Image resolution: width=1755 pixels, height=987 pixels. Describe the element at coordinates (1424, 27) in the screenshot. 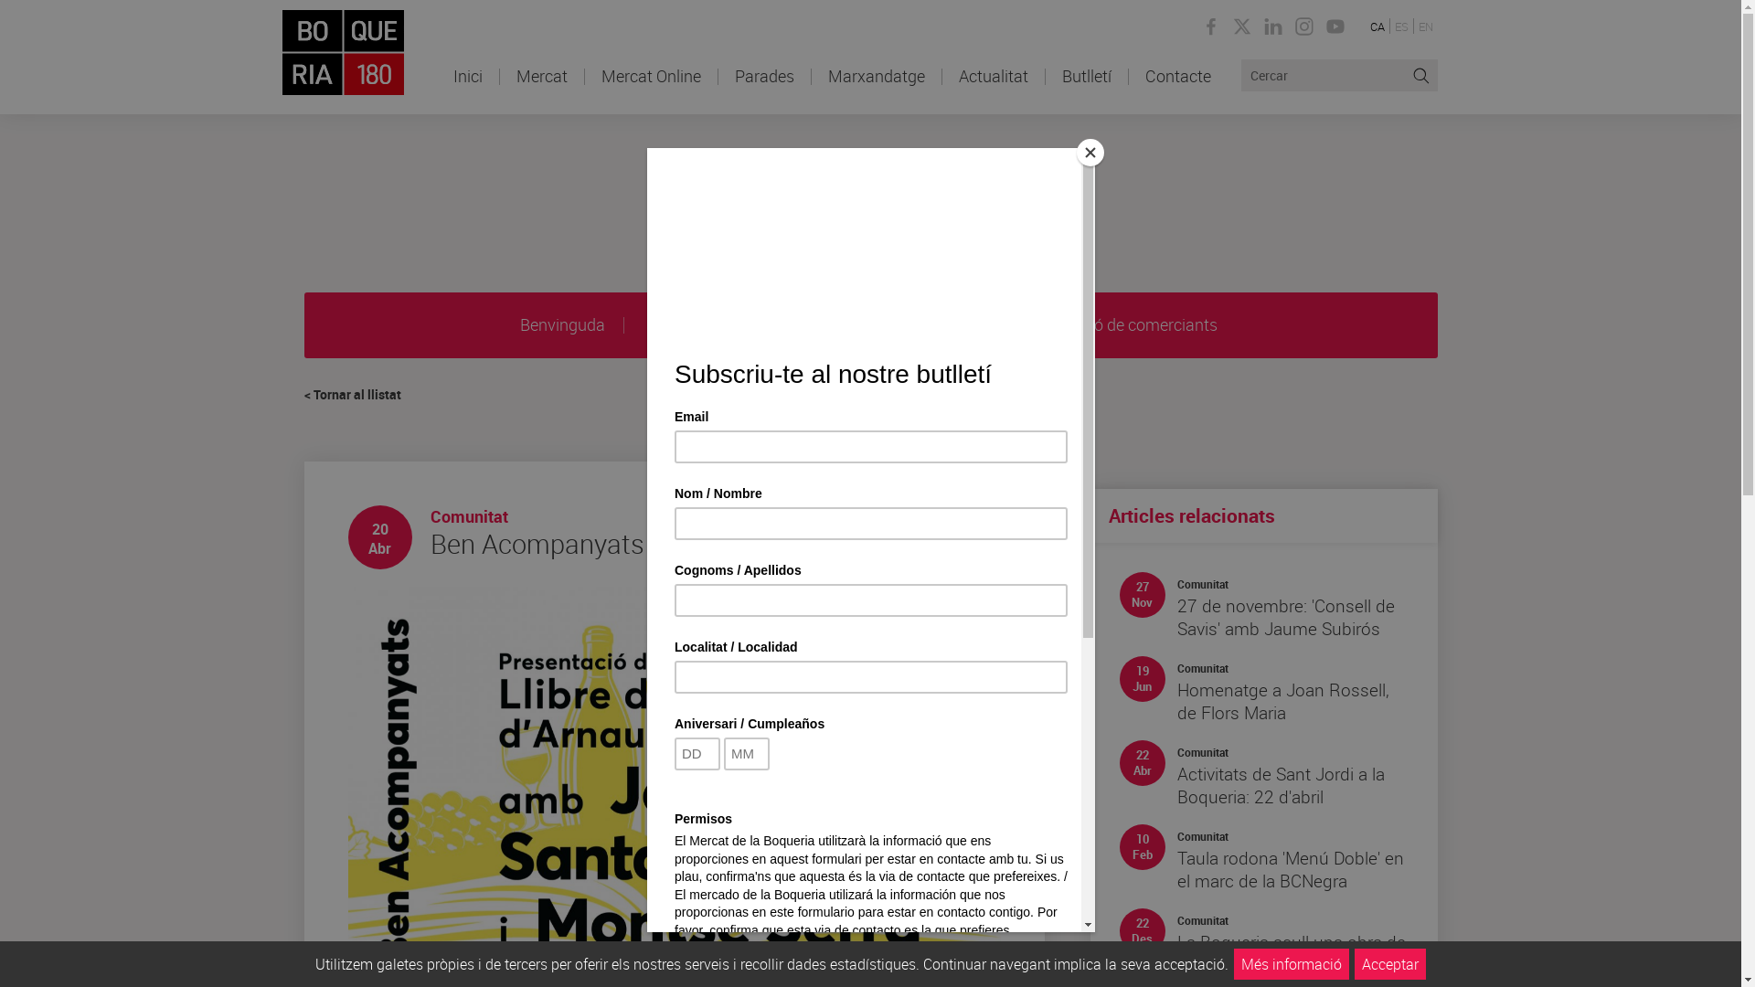

I see `'EN'` at that location.